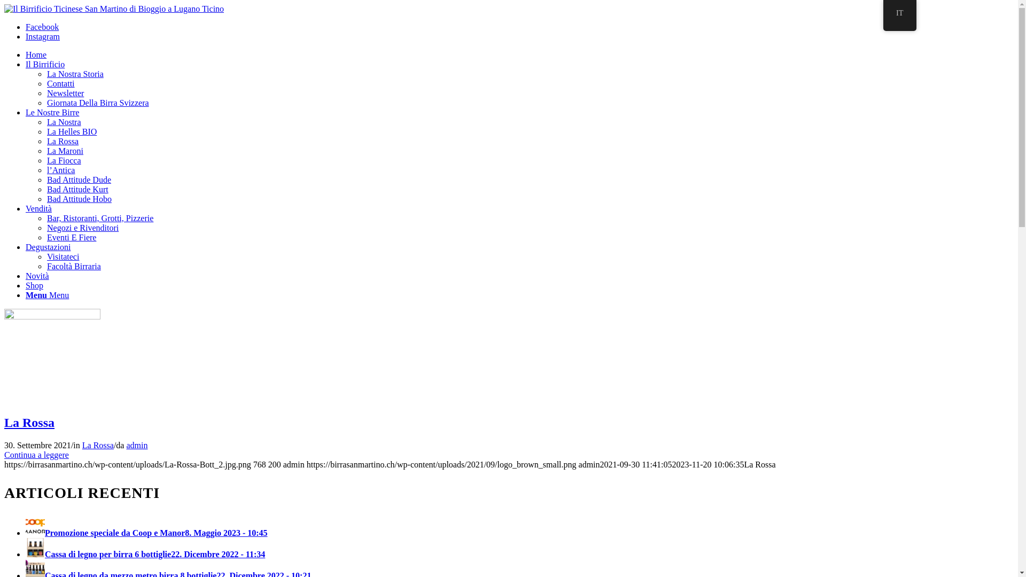 This screenshot has height=577, width=1026. What do you see at coordinates (79, 179) in the screenshot?
I see `'Bad Attitude Dude'` at bounding box center [79, 179].